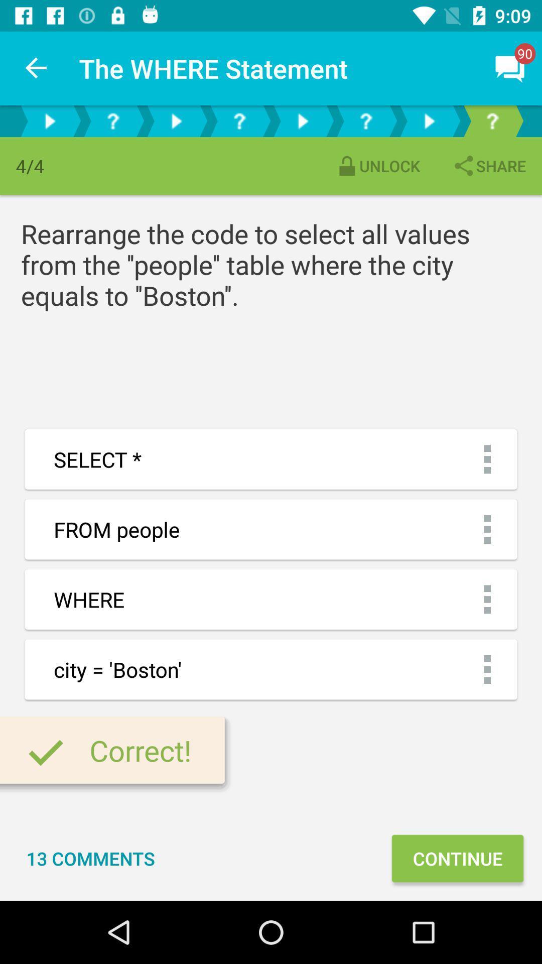  I want to click on the share icon, so click(488, 166).